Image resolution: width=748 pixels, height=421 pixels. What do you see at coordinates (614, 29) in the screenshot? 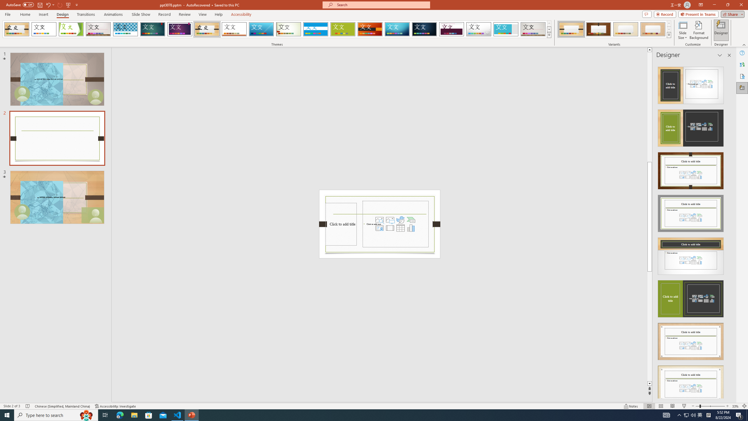
I see `'AutomationID: ThemeVariantsGallery'` at bounding box center [614, 29].